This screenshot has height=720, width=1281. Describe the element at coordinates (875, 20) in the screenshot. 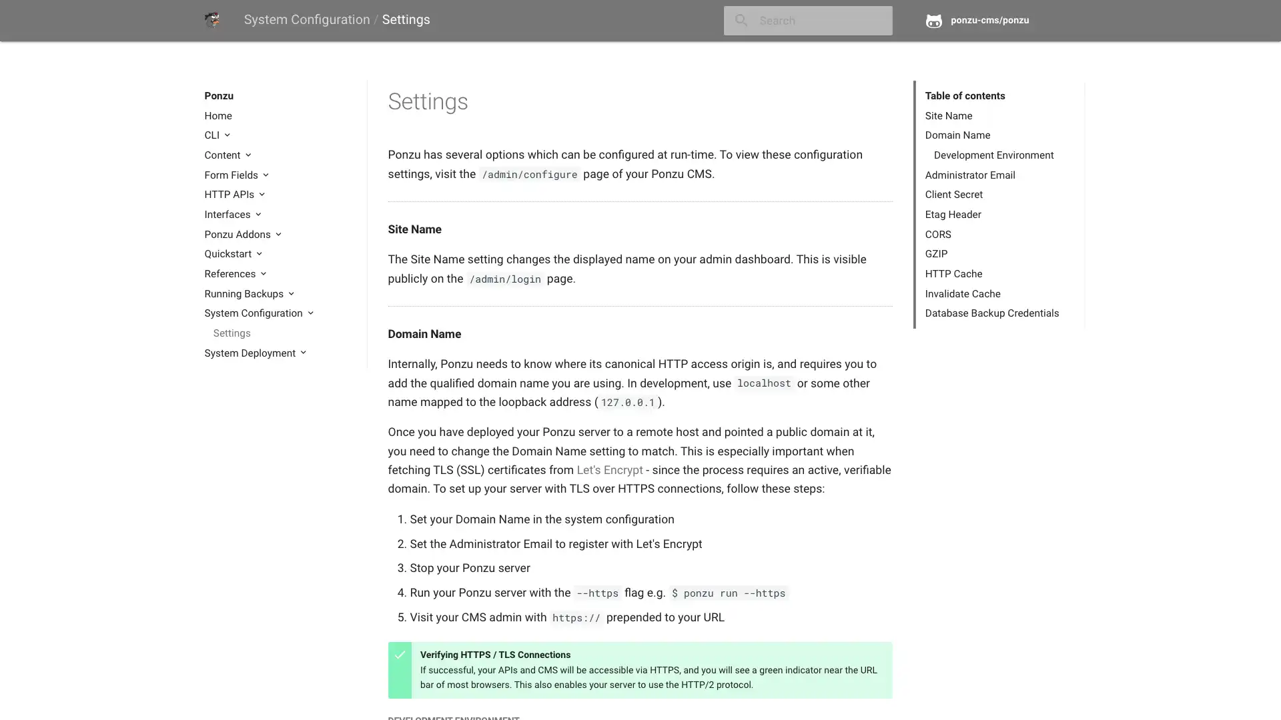

I see `close` at that location.